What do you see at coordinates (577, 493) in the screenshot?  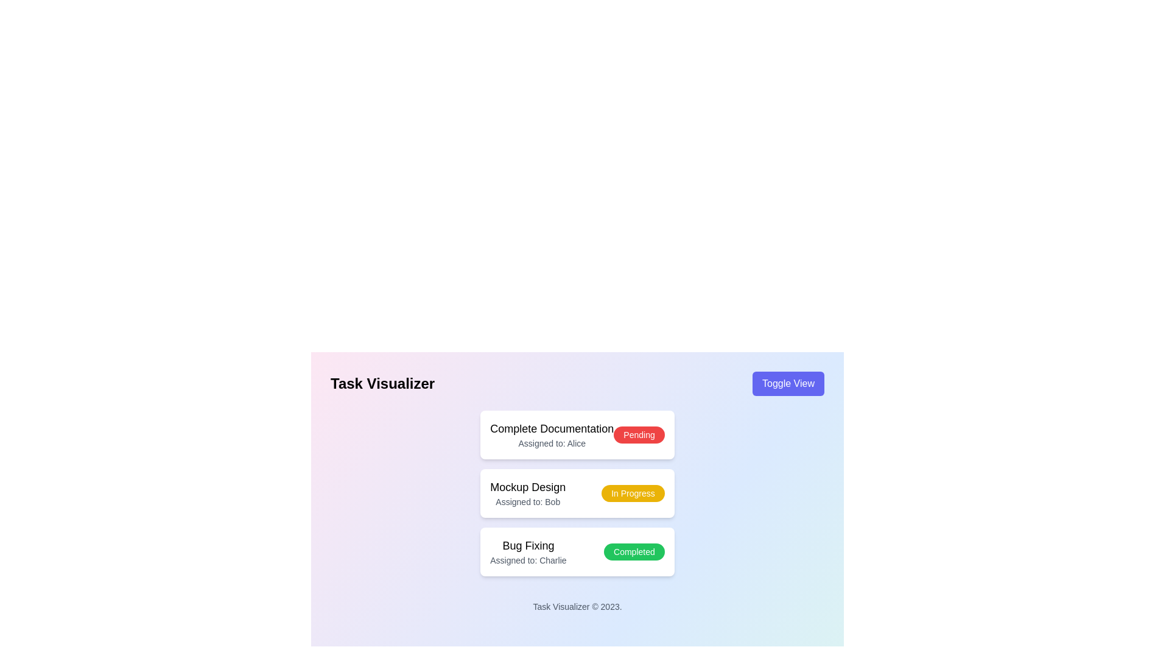 I see `task details from the card component titled 'Mockup Design' assigned to 'Bob' with the status 'In Progress'` at bounding box center [577, 493].